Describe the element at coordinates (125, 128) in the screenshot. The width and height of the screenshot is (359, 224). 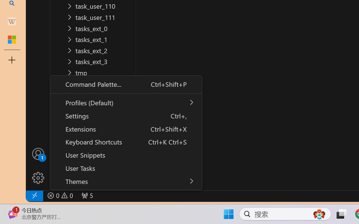
I see `'Extensions Ctrl+Shift+X'` at that location.